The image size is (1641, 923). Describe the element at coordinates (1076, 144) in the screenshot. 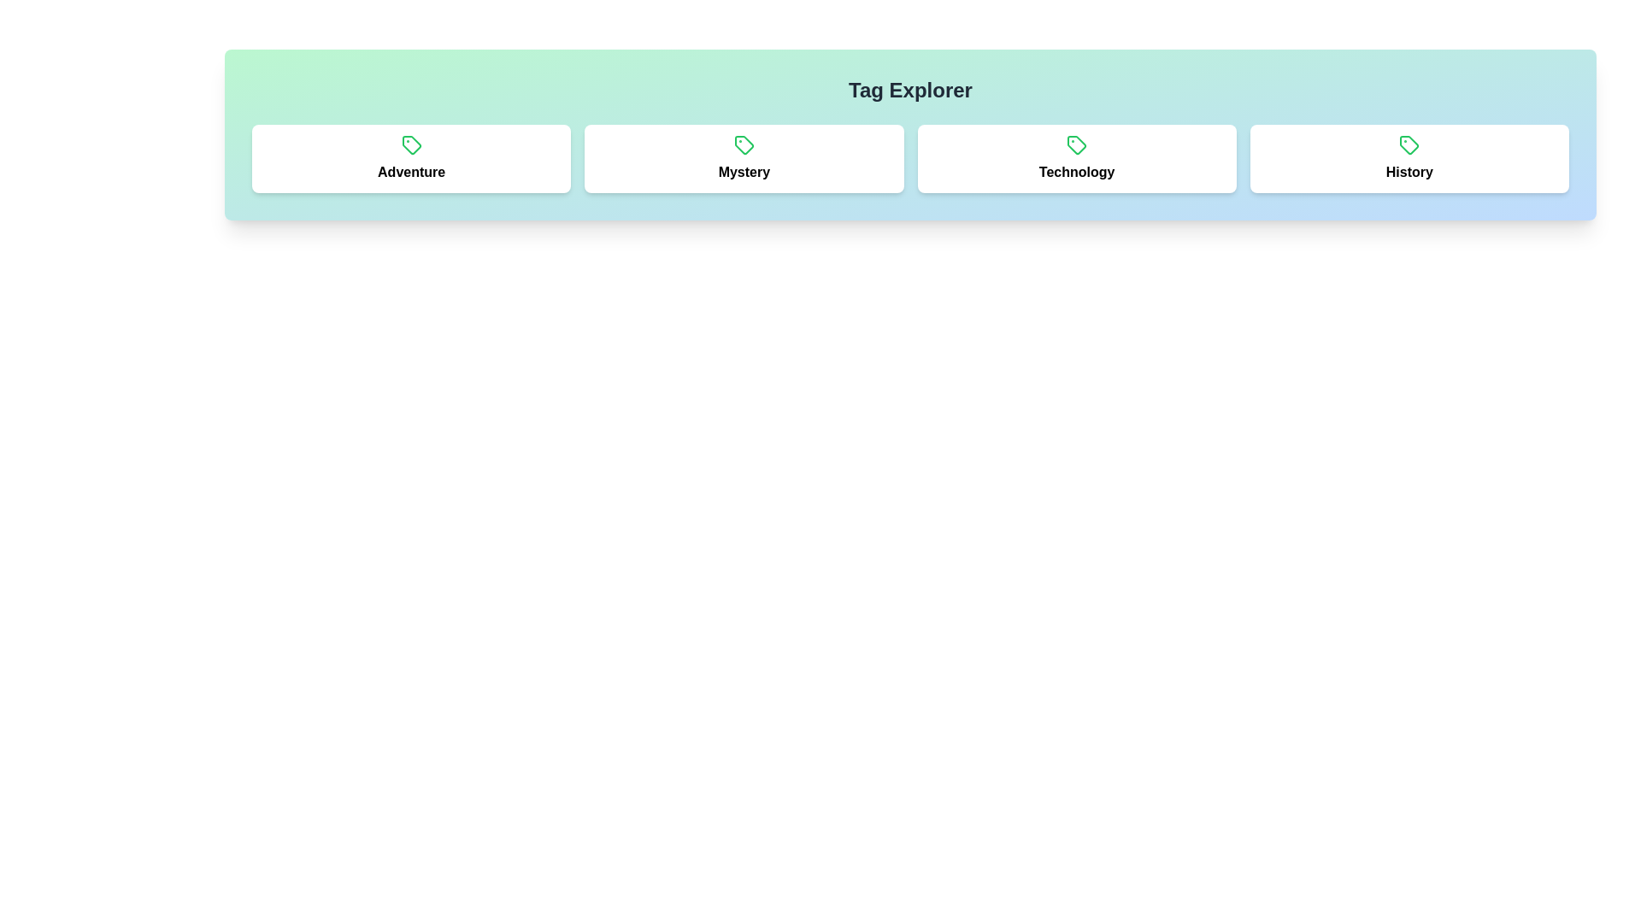

I see `the 'Technology' icon located at the top-center of the 'Technology' card` at that location.